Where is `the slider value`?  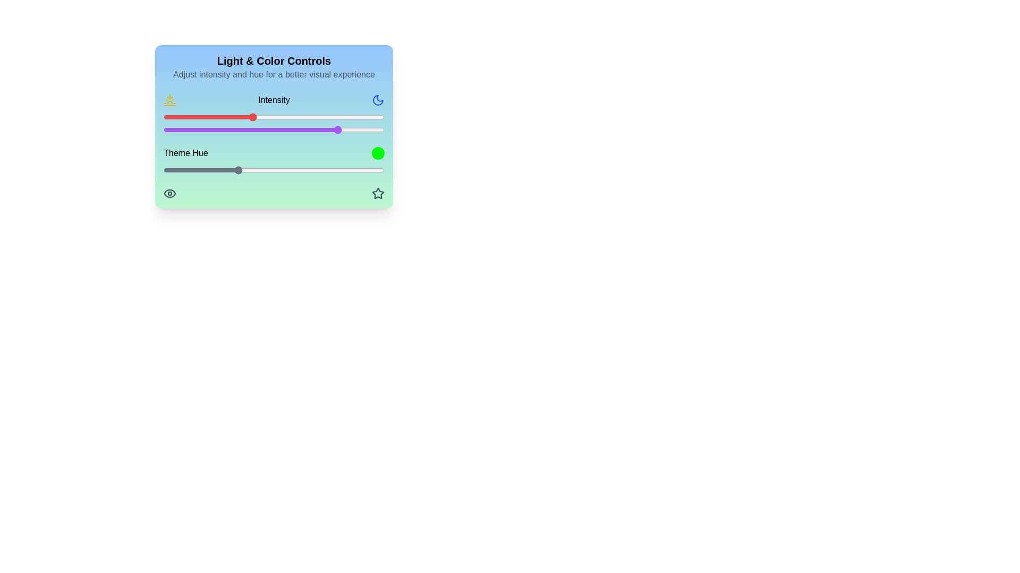 the slider value is located at coordinates (294, 129).